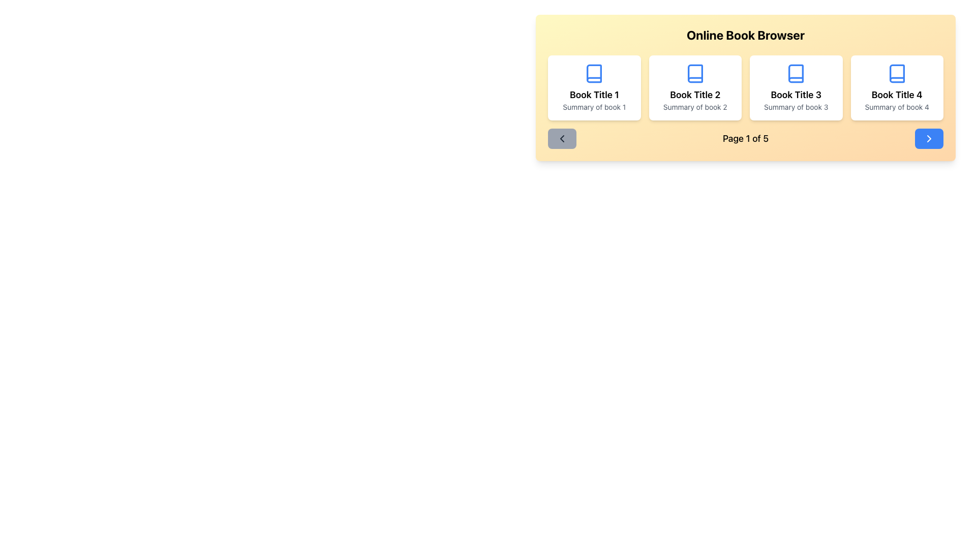 This screenshot has height=549, width=976. Describe the element at coordinates (897, 73) in the screenshot. I see `the blue outlined book icon located at the top of the fourth card in a horizontally aligned grid` at that location.